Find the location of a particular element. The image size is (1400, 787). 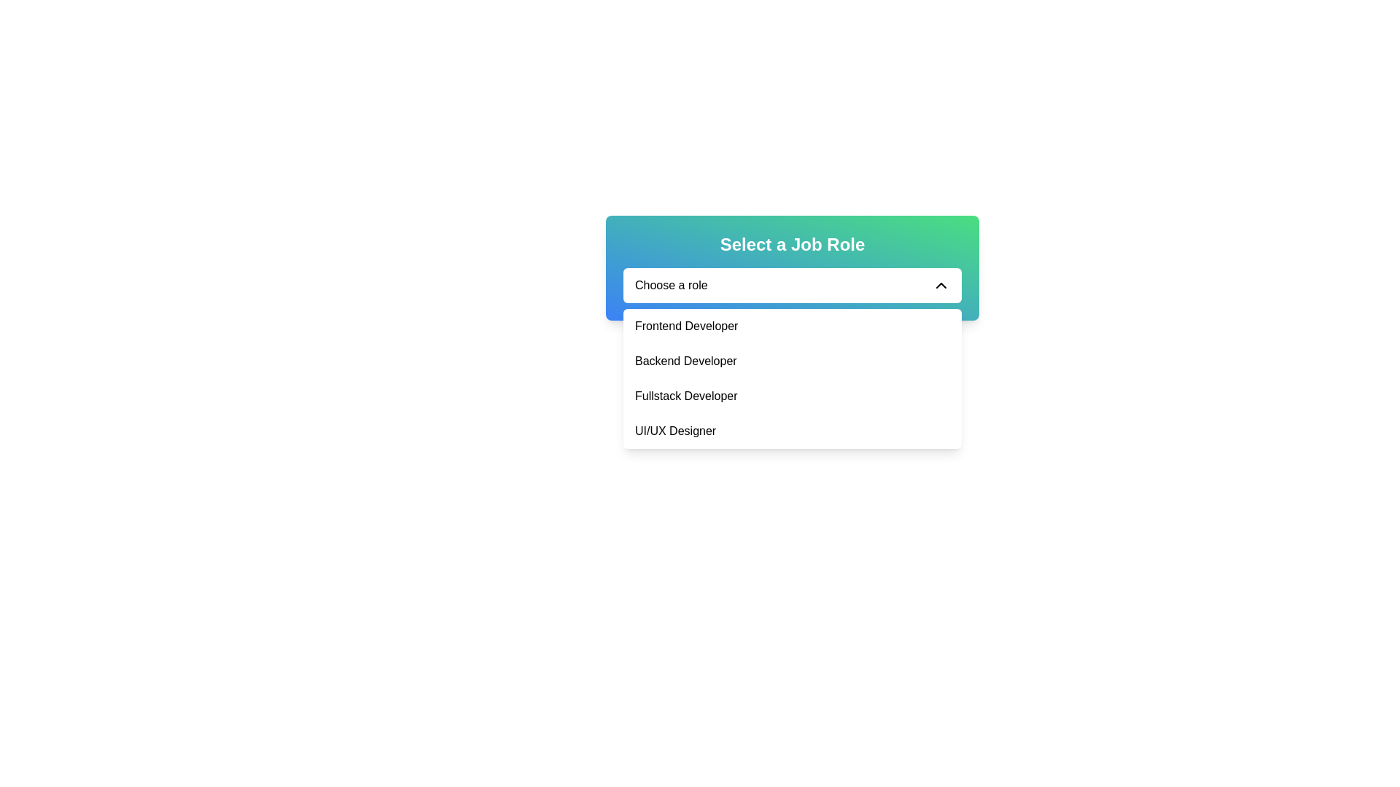

the 'Backend Developer' dropdown menu item is located at coordinates (791, 361).